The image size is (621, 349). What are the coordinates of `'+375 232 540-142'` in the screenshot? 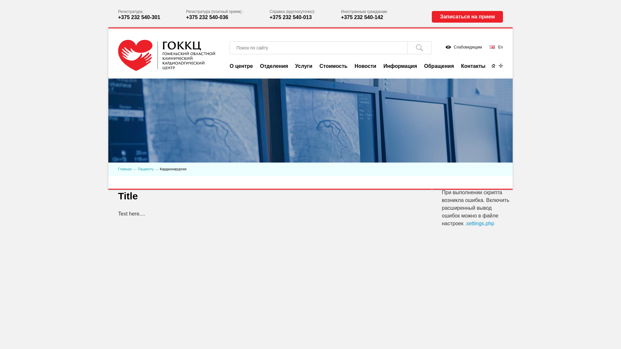 It's located at (361, 17).